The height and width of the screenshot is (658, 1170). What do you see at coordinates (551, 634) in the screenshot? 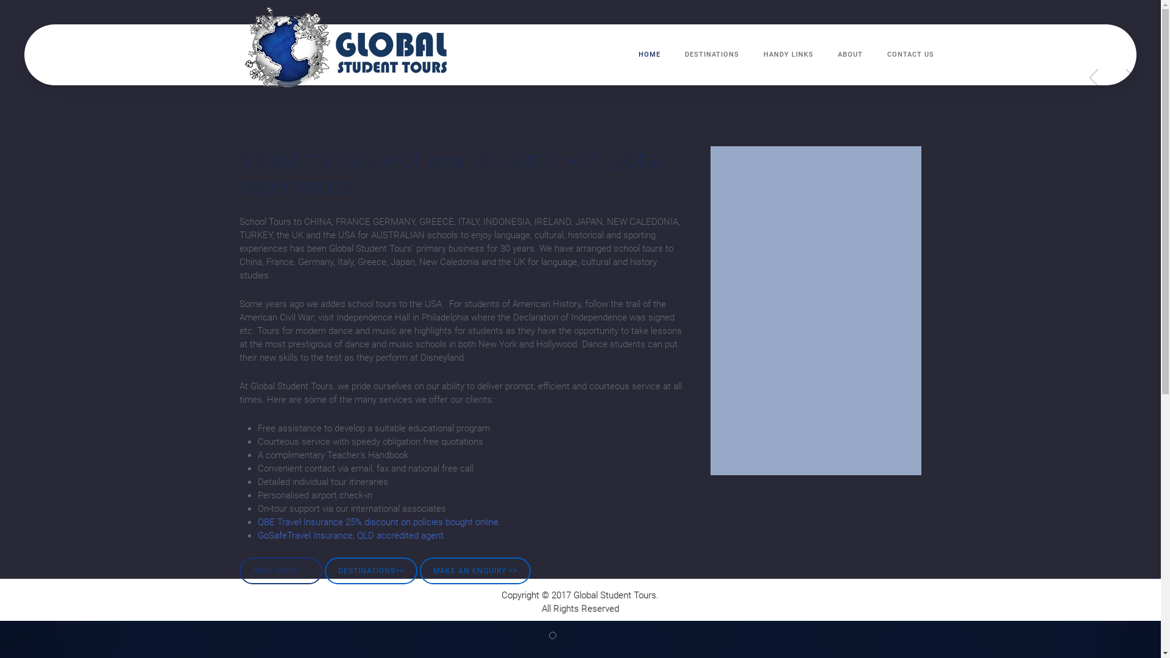
I see `'Student Tours Greece'` at bounding box center [551, 634].